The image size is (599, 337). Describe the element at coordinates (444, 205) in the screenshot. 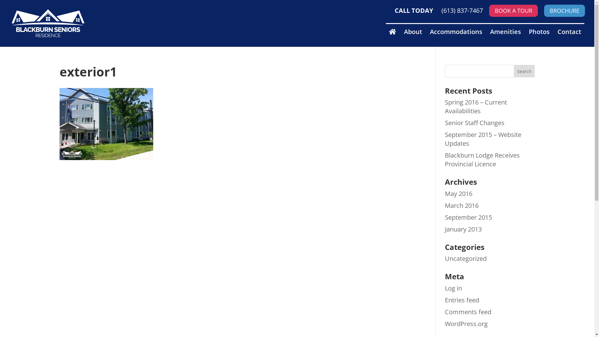

I see `'March 2016'` at that location.